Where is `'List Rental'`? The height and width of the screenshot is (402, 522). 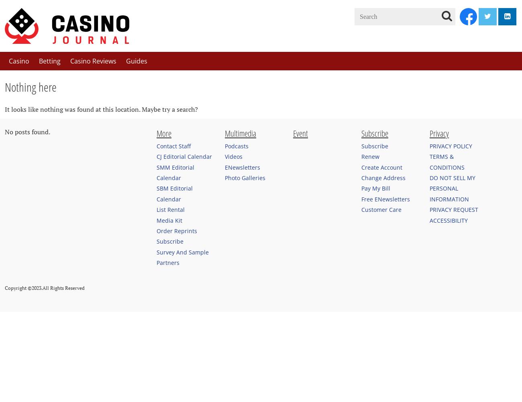
'List Rental' is located at coordinates (170, 209).